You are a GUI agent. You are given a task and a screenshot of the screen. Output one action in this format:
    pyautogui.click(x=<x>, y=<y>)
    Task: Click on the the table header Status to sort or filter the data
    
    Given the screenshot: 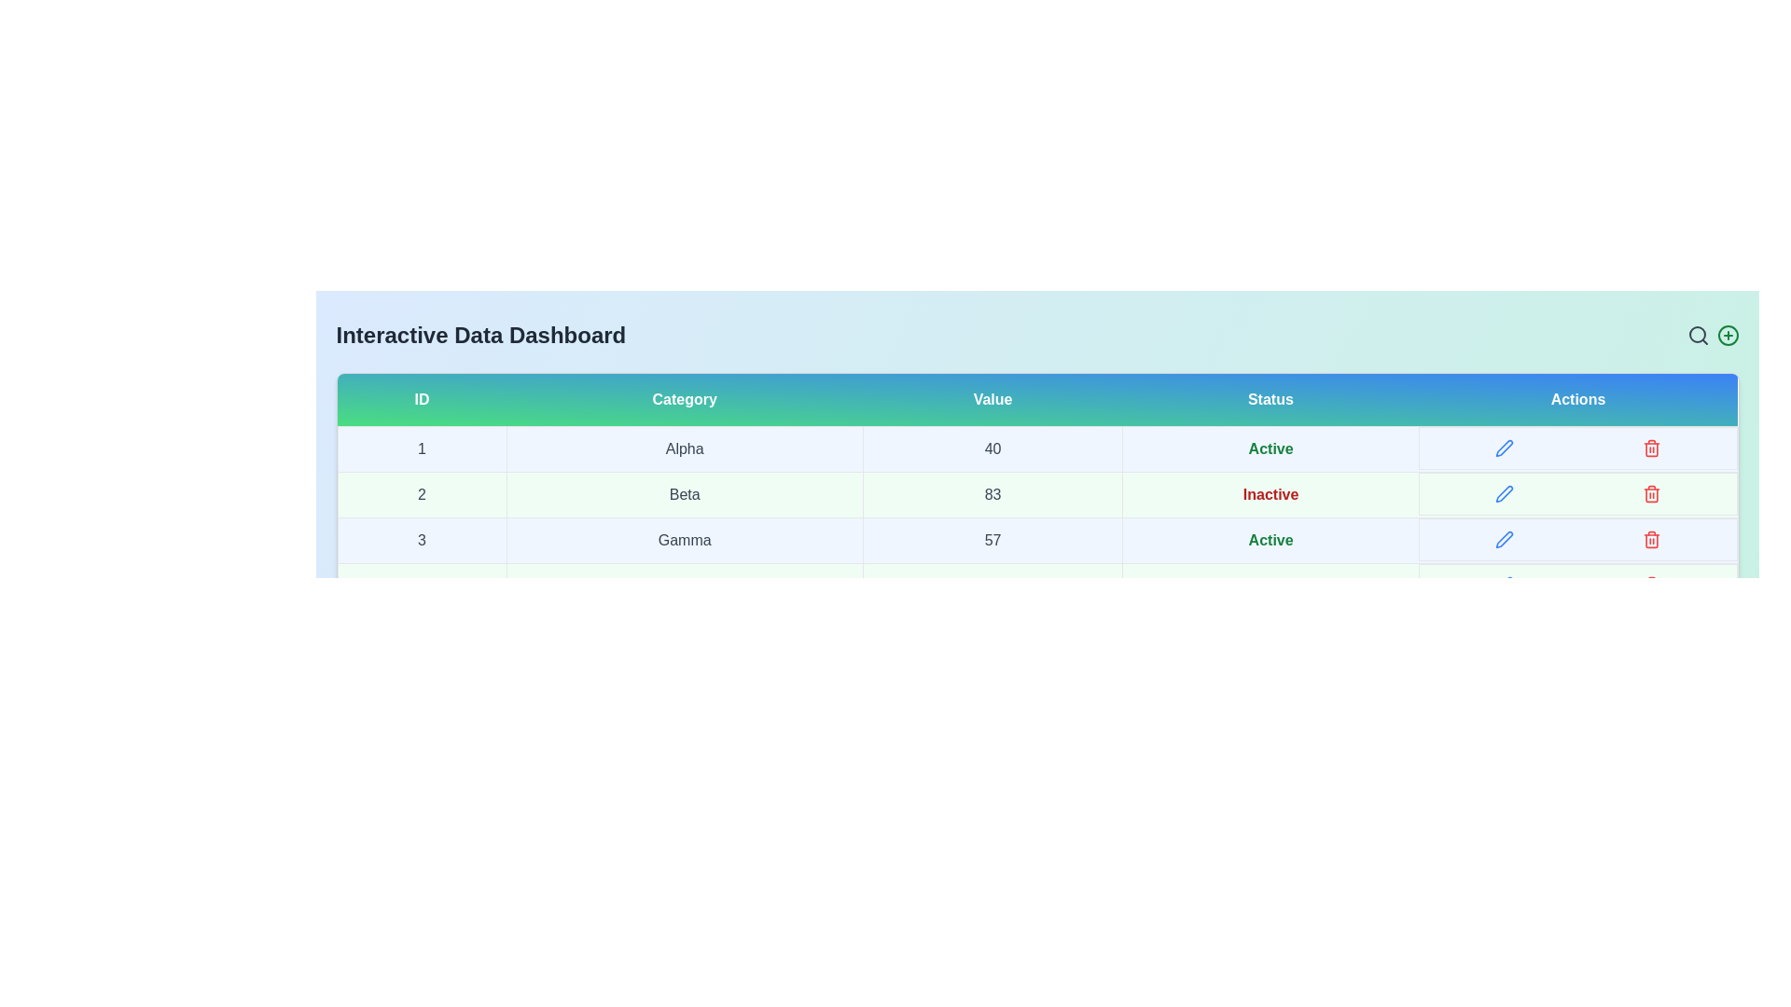 What is the action you would take?
    pyautogui.click(x=1270, y=398)
    